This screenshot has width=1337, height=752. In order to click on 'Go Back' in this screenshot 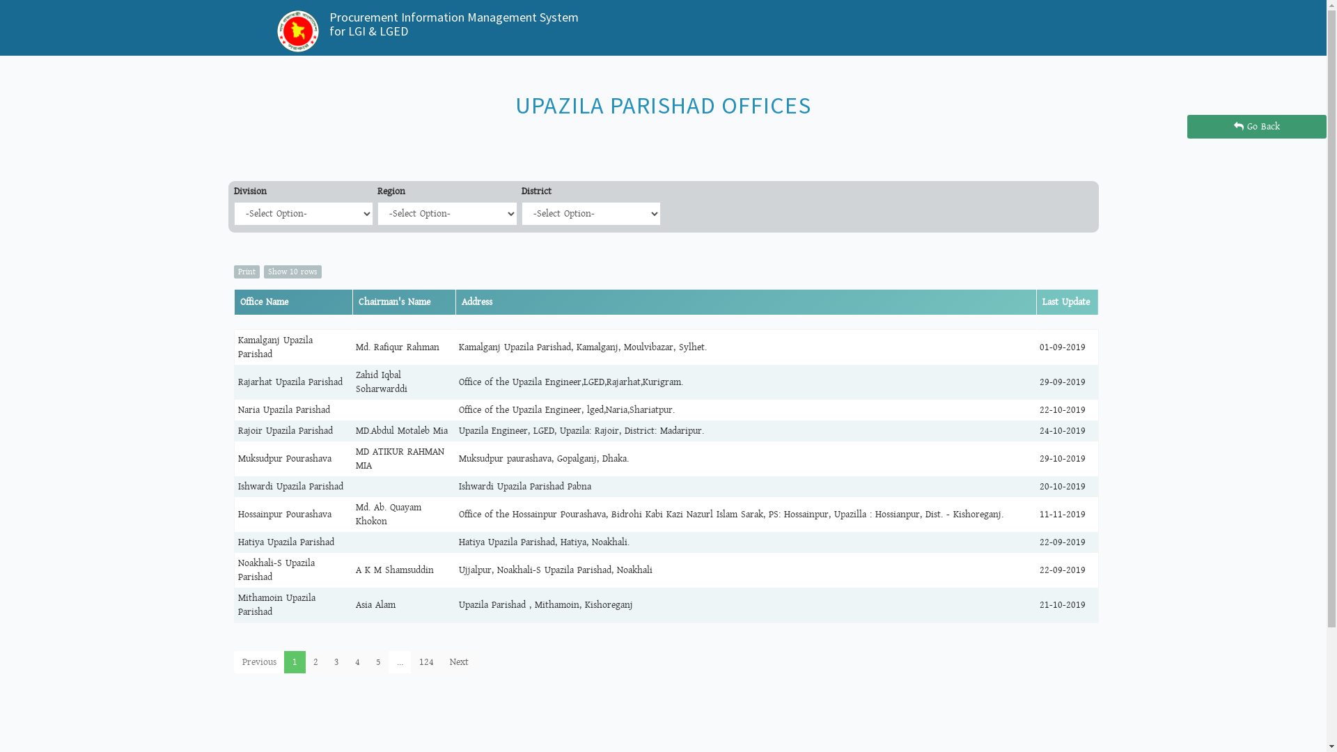, I will do `click(1256, 126)`.